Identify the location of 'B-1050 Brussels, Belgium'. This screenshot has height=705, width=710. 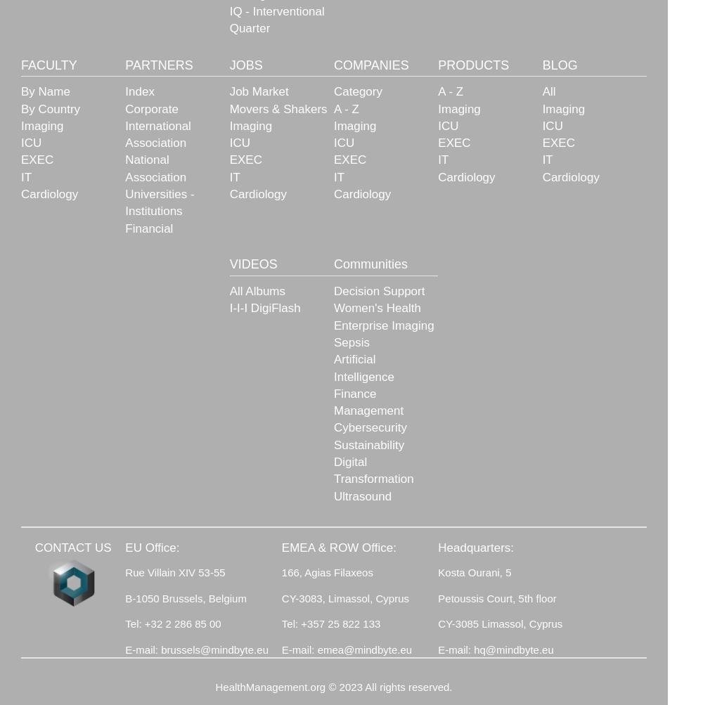
(124, 597).